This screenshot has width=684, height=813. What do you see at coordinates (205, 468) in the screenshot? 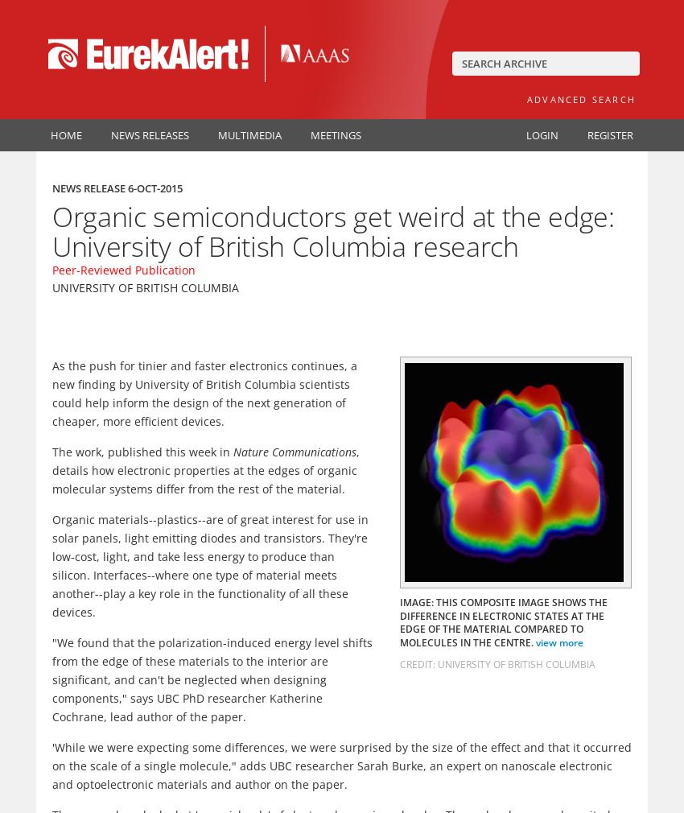
I see `', details how electronic properties at the edges of organic molecular systems differ from the rest of the material.'` at bounding box center [205, 468].